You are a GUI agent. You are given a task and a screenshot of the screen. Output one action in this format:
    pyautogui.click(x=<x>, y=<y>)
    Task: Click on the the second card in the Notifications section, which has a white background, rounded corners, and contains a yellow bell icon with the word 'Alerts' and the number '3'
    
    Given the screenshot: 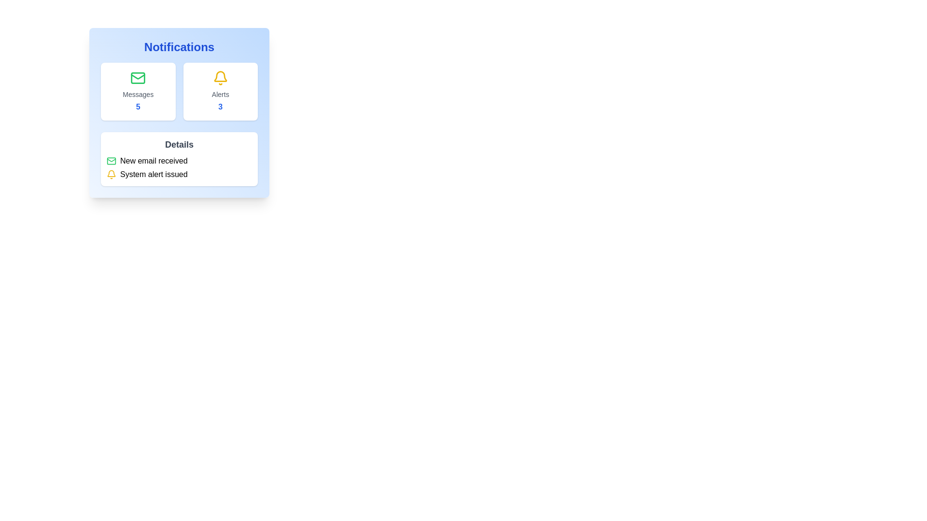 What is the action you would take?
    pyautogui.click(x=220, y=91)
    